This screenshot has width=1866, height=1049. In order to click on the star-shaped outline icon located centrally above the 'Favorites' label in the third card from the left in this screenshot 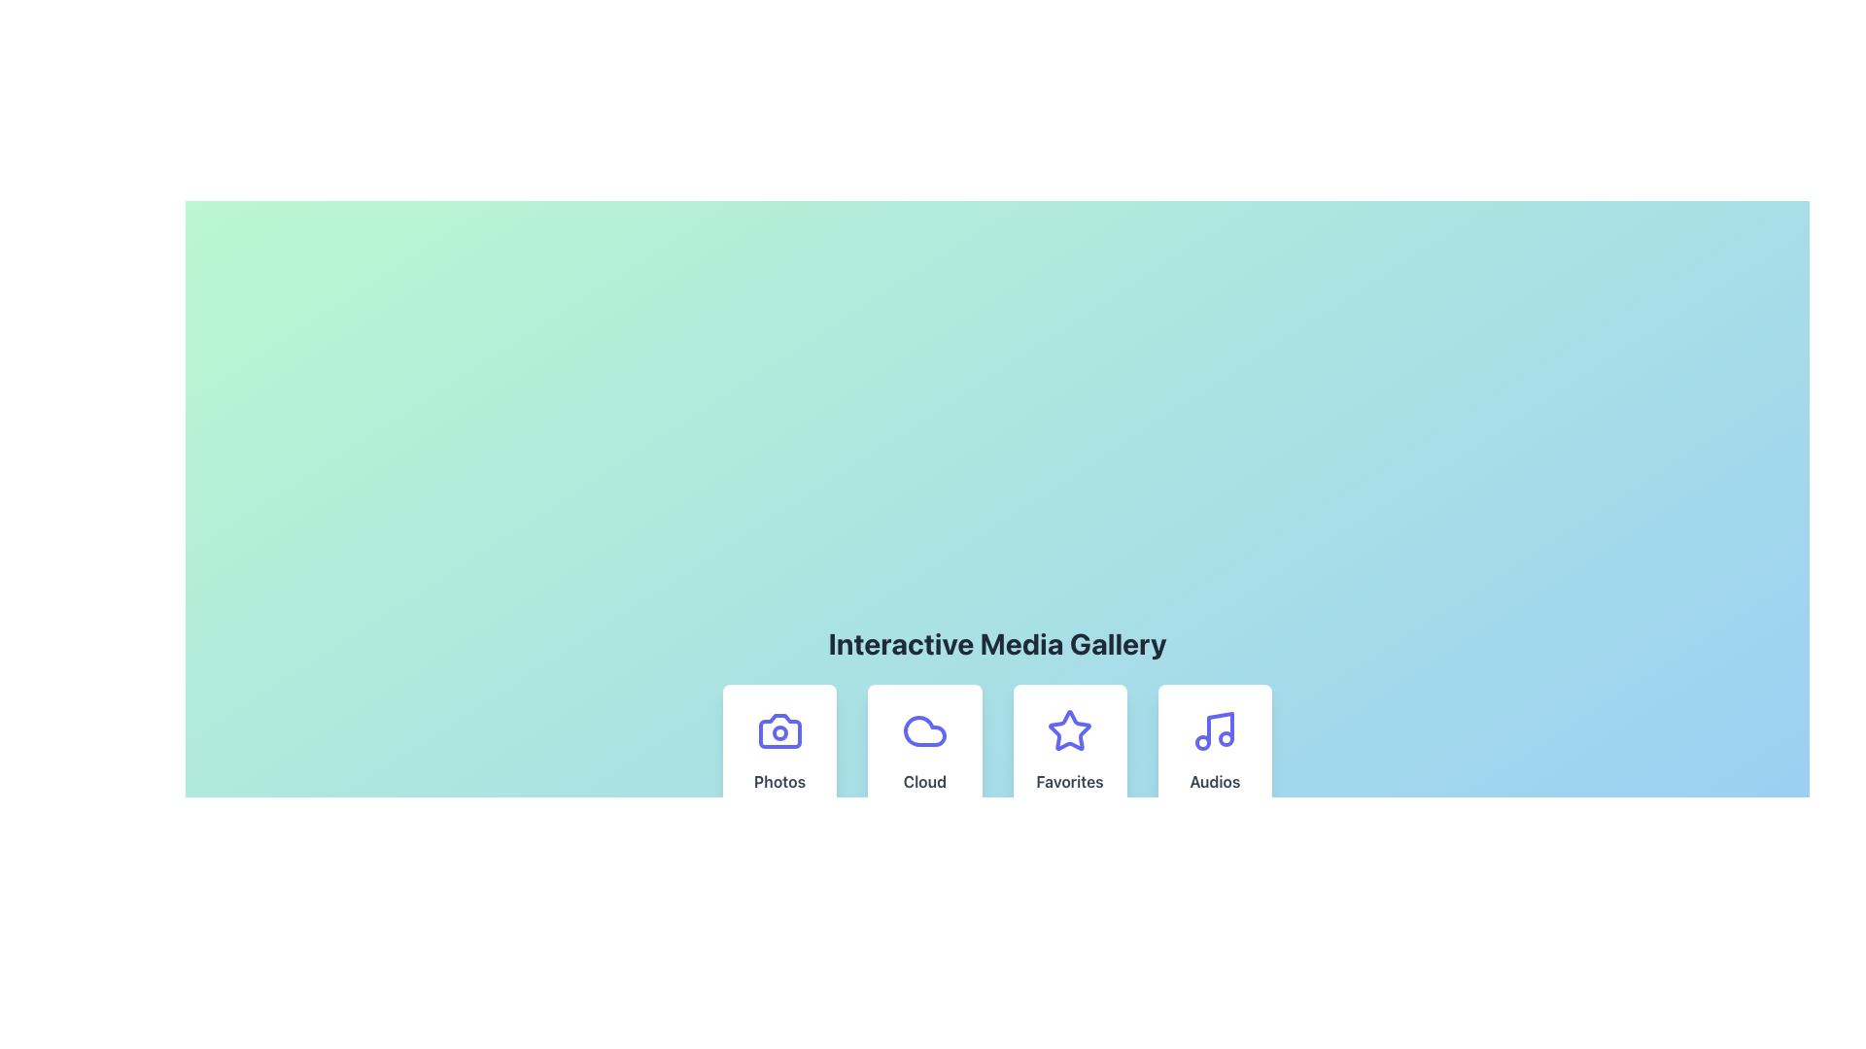, I will do `click(1069, 730)`.